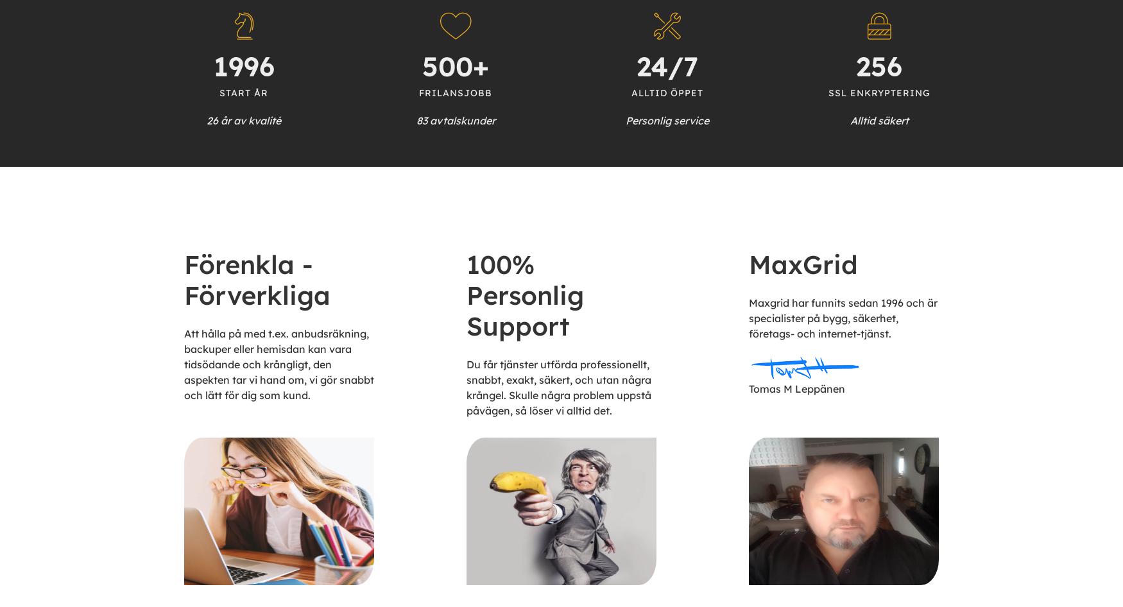 Image resolution: width=1123 pixels, height=607 pixels. I want to click on 'Att hålla på med t.ex. anbudsräkning, backuper eller hemisdan kan vara tidsödande och krångligt, den aspekten tar vi hand om, vi gör snabbt och lätt för dig som kund.', so click(279, 363).